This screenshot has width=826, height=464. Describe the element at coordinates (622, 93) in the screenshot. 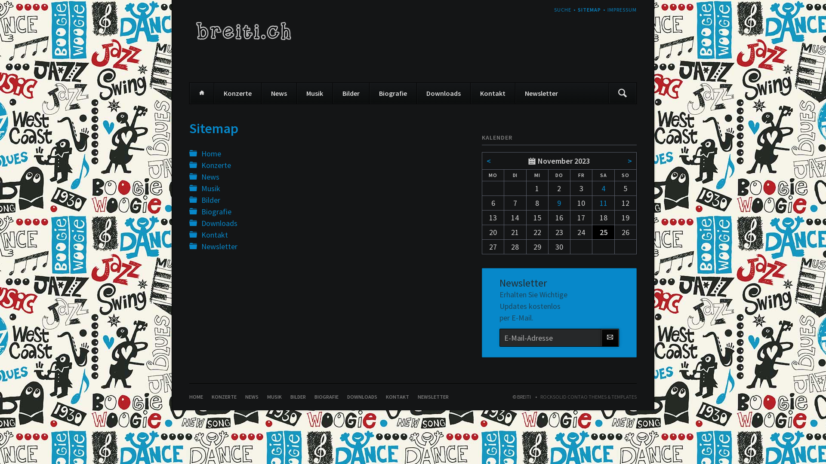

I see `'Suchen'` at that location.